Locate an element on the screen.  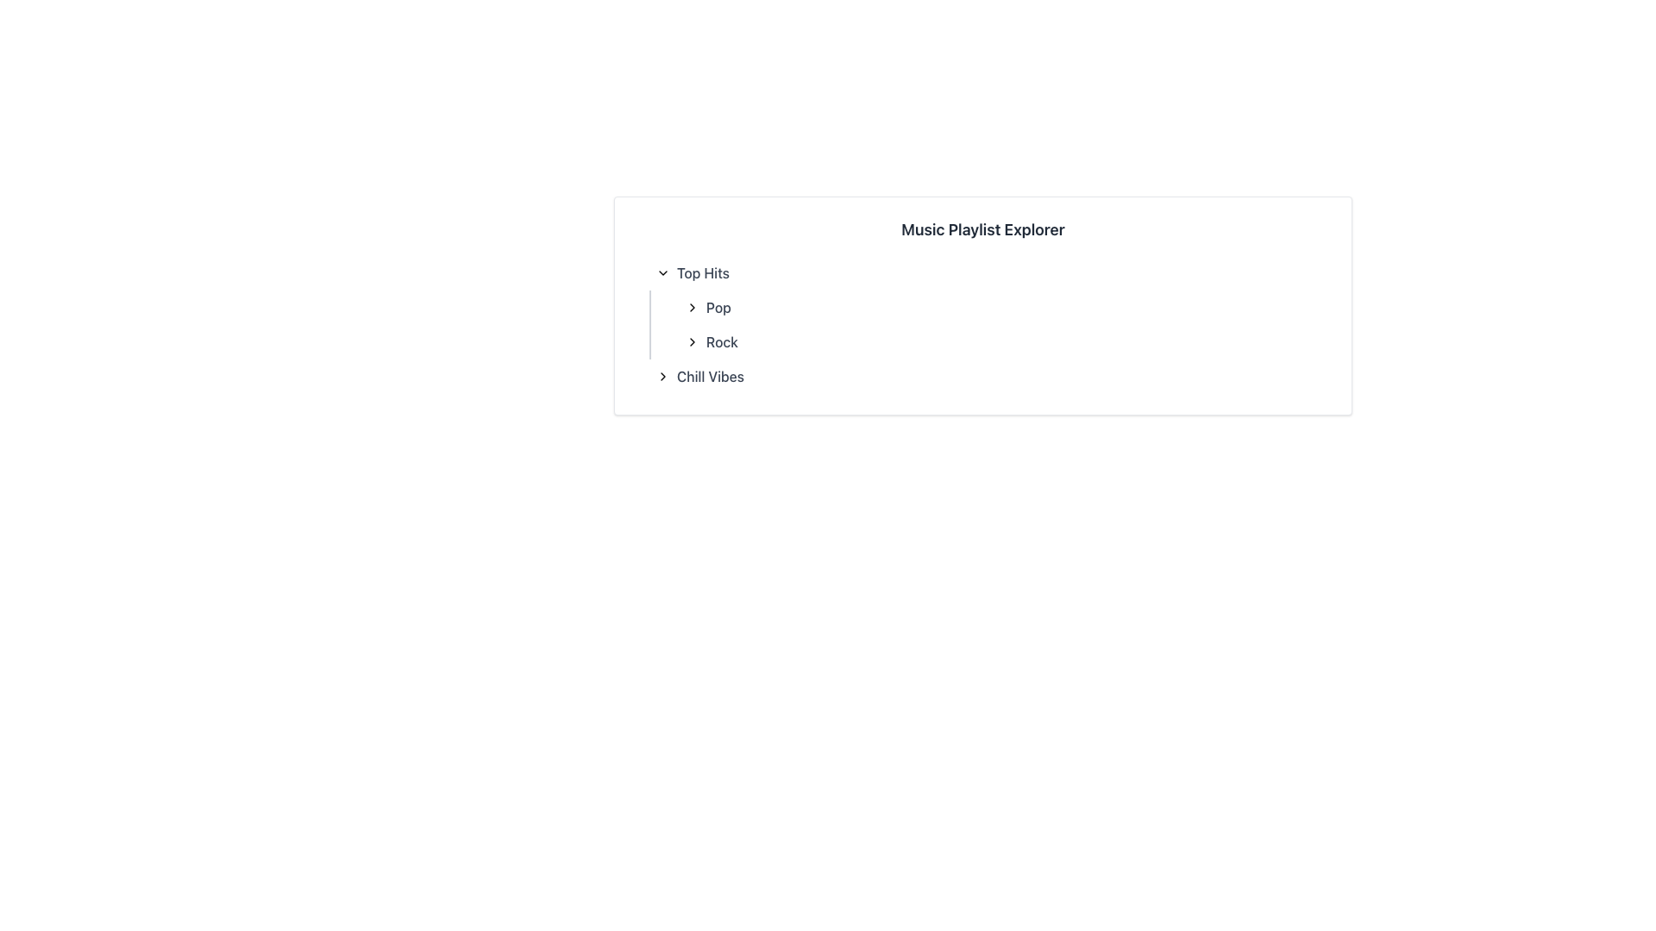
the Dropdown Indicator (Chevron Icon) located to the left of the 'Top Hits' text is located at coordinates (662, 272).